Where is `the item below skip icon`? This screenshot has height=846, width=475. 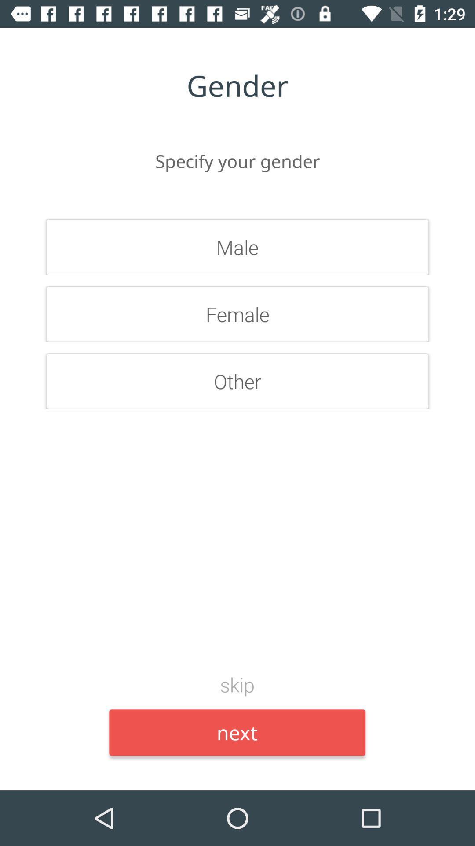 the item below skip icon is located at coordinates (237, 732).